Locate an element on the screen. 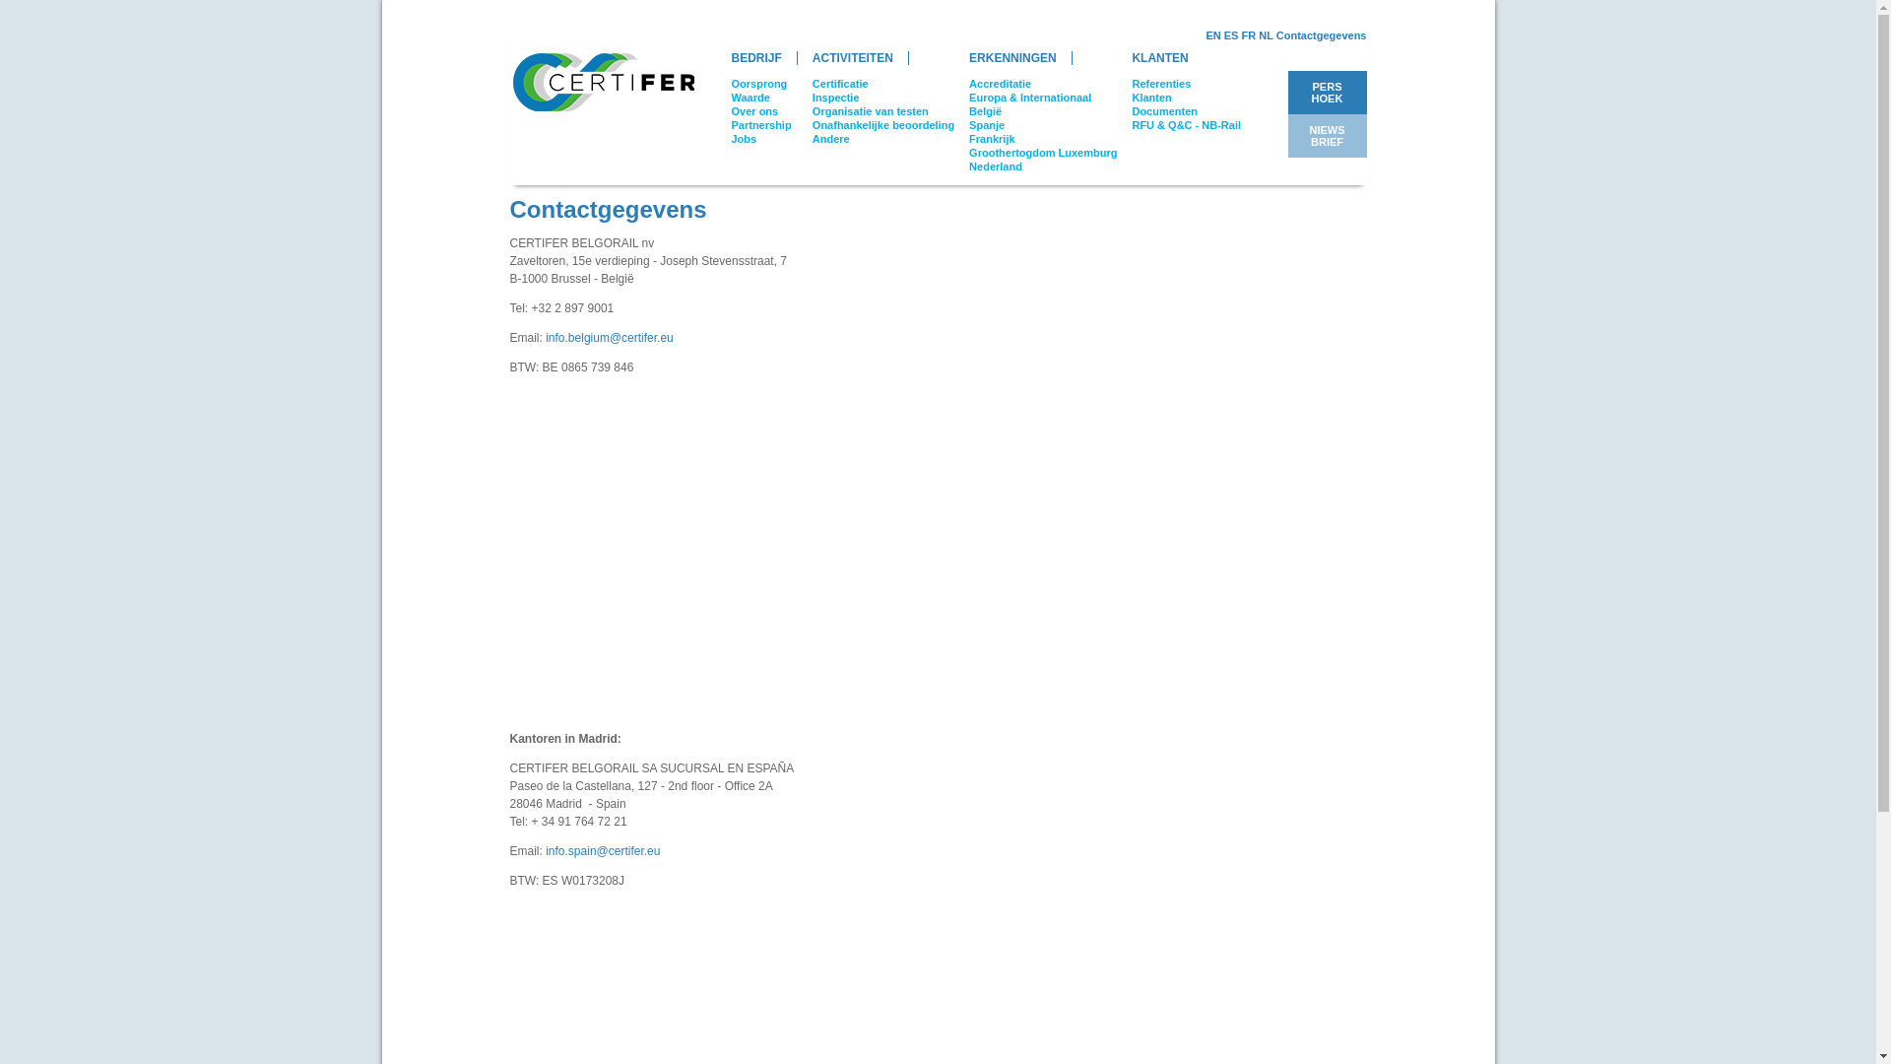 This screenshot has width=1891, height=1064. 'Documenten' is located at coordinates (1131, 110).